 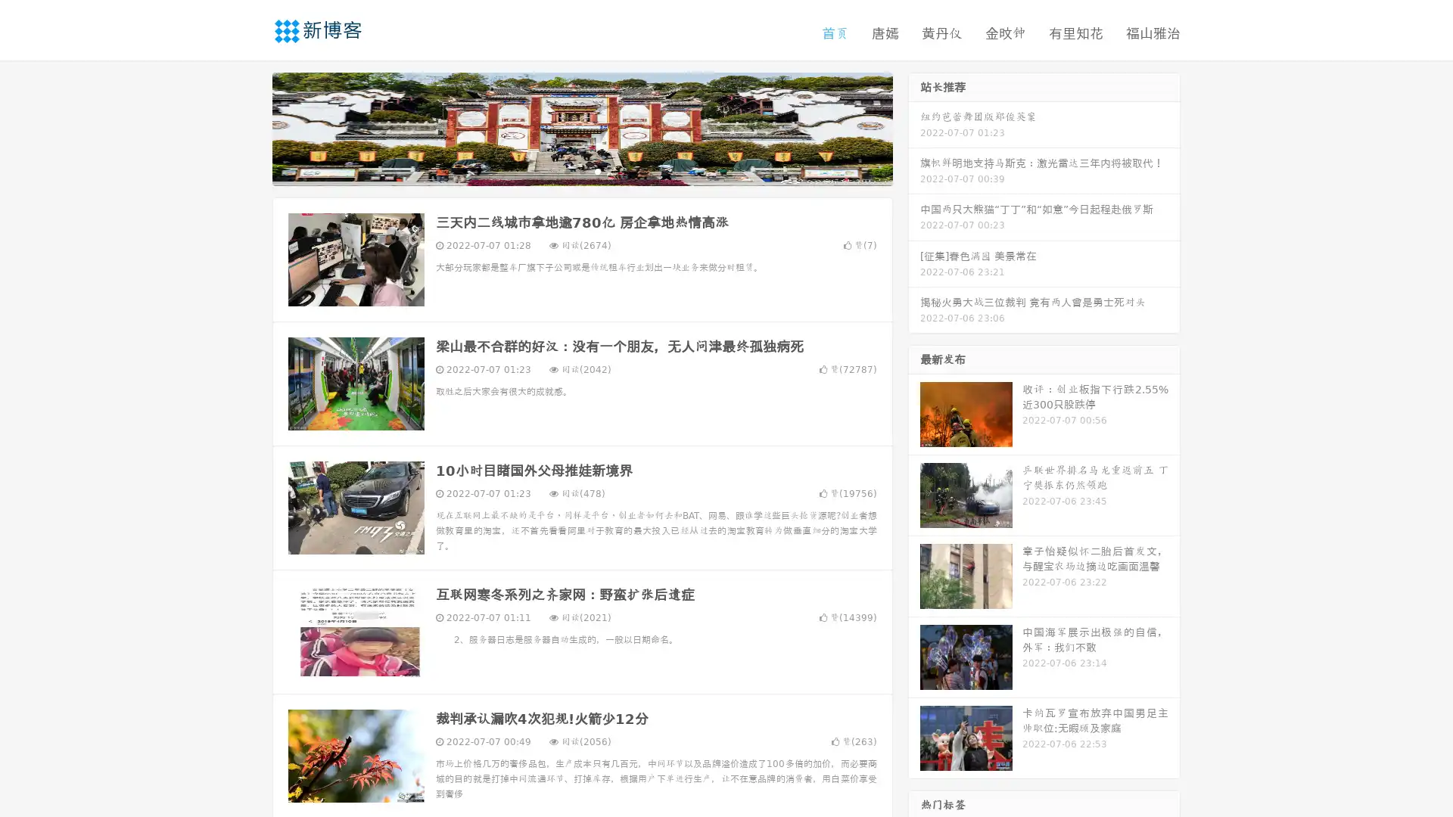 What do you see at coordinates (566, 170) in the screenshot?
I see `Go to slide 1` at bounding box center [566, 170].